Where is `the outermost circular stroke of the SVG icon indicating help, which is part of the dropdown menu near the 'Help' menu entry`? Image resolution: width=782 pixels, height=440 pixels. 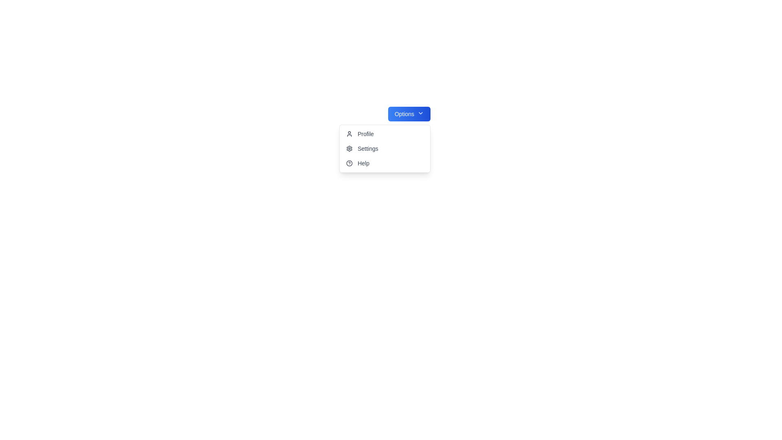 the outermost circular stroke of the SVG icon indicating help, which is part of the dropdown menu near the 'Help' menu entry is located at coordinates (349, 163).